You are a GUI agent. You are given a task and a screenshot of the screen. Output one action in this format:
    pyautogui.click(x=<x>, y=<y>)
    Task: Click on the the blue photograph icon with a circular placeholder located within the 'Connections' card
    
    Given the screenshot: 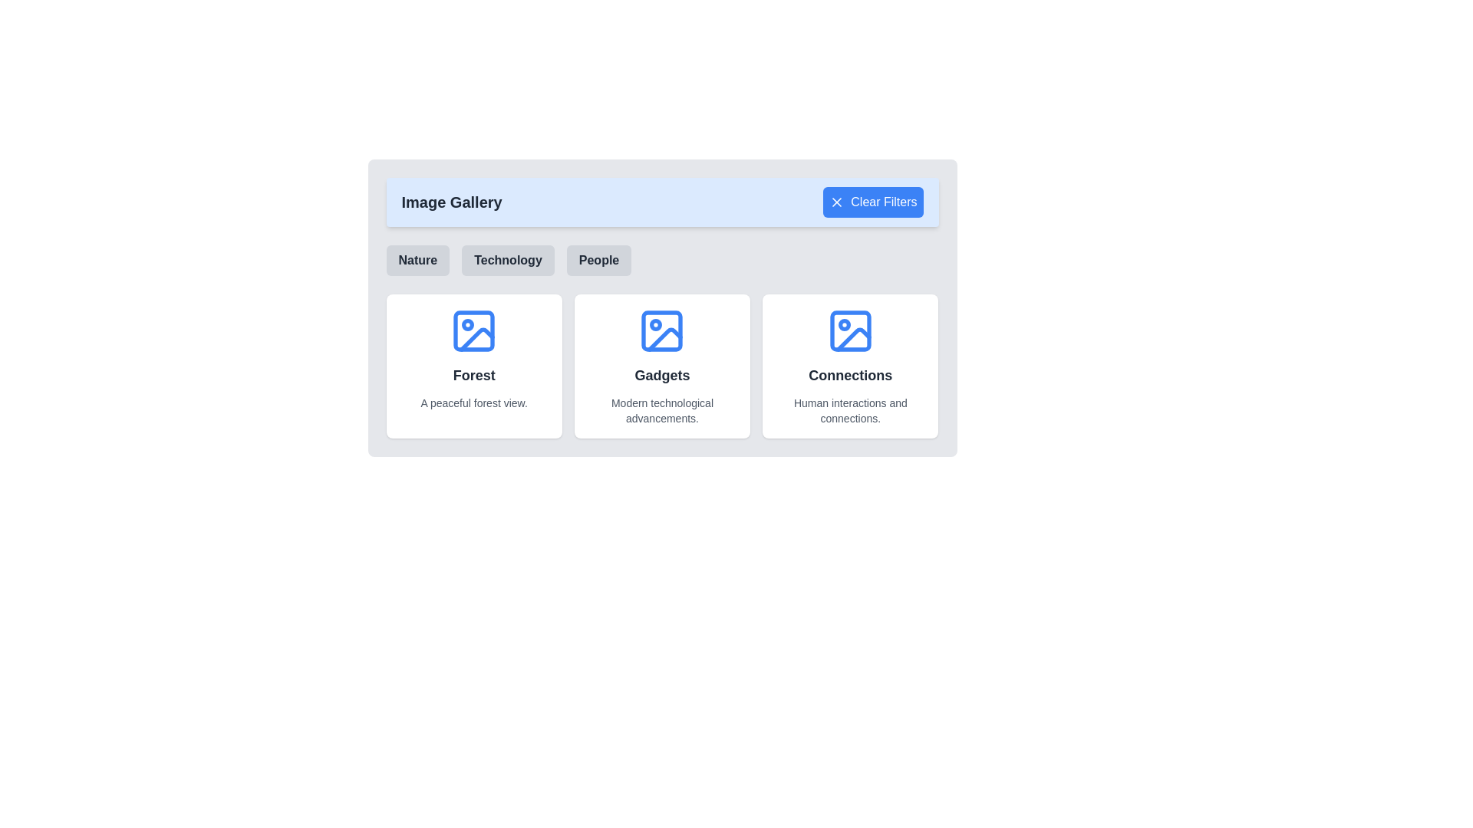 What is the action you would take?
    pyautogui.click(x=849, y=330)
    